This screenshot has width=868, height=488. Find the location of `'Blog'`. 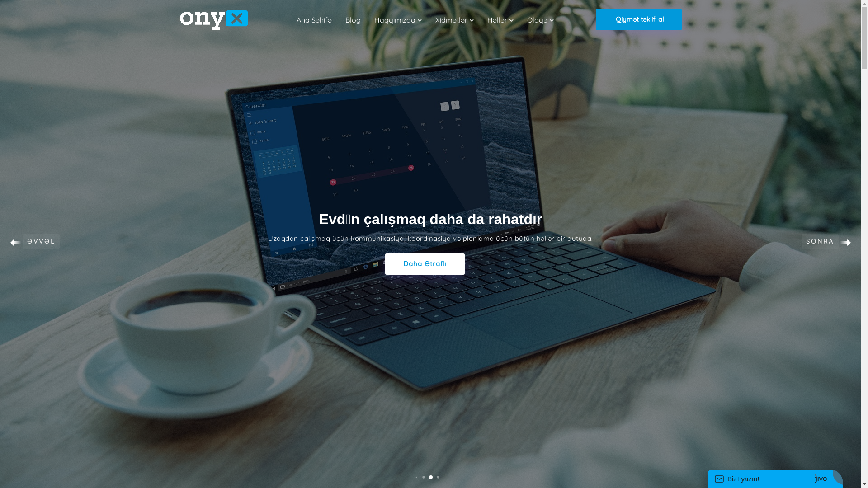

'Blog' is located at coordinates (344, 19).